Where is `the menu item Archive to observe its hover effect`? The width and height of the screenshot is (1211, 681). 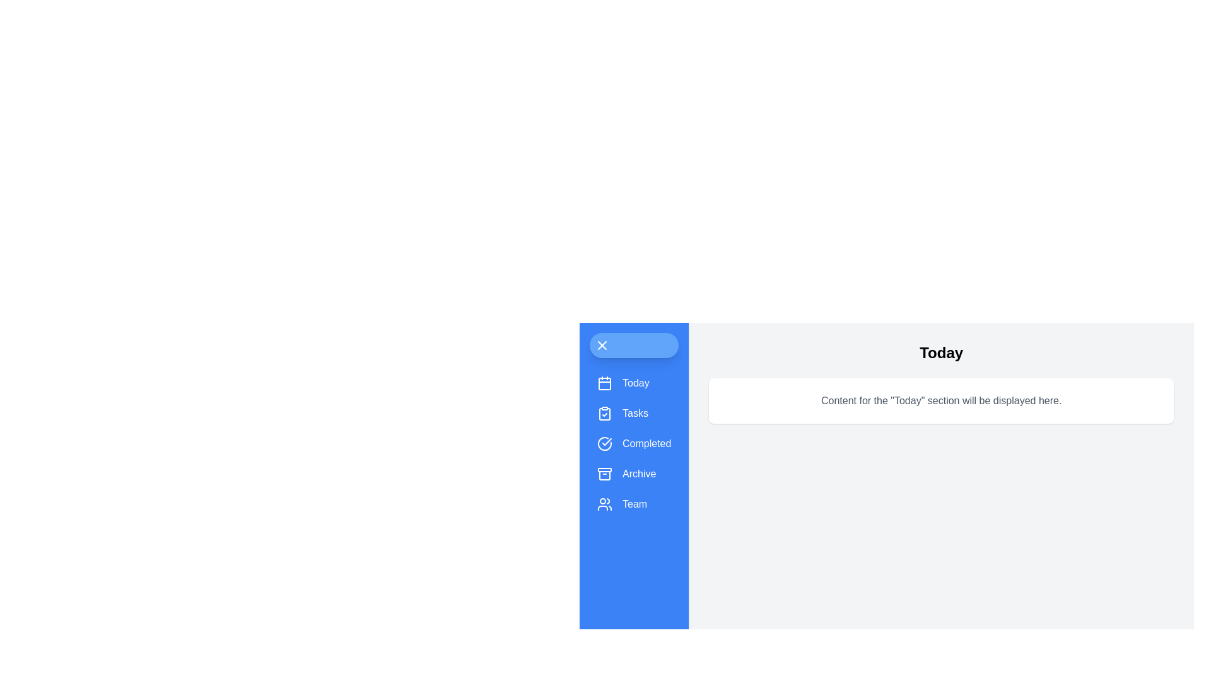 the menu item Archive to observe its hover effect is located at coordinates (634, 474).